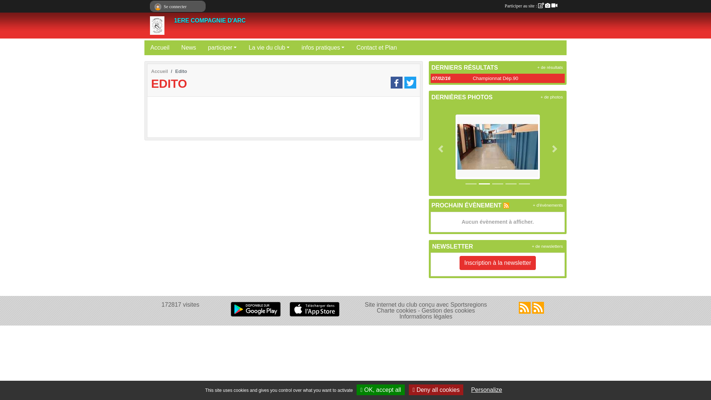 Image resolution: width=711 pixels, height=400 pixels. Describe the element at coordinates (531, 6) in the screenshot. I see `'Participer au site :'` at that location.